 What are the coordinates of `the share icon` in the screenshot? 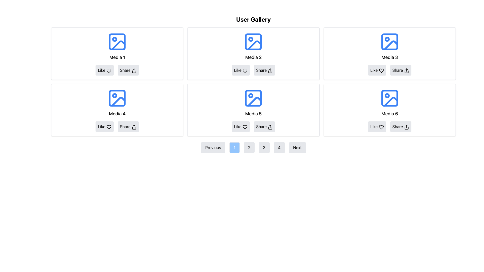 It's located at (270, 71).